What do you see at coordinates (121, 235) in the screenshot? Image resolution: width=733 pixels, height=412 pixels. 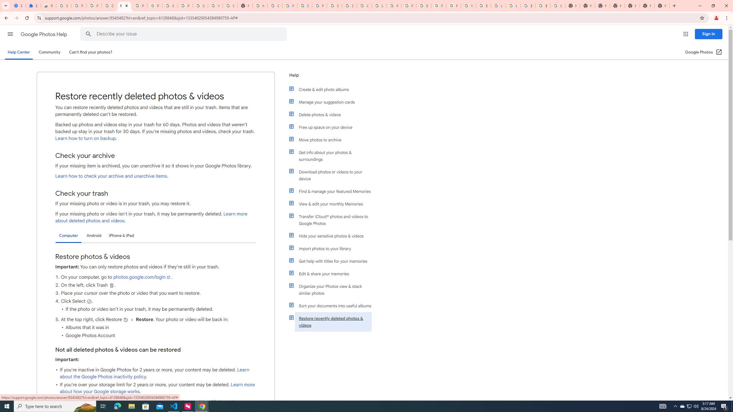 I see `'iPhone & iPad'` at bounding box center [121, 235].